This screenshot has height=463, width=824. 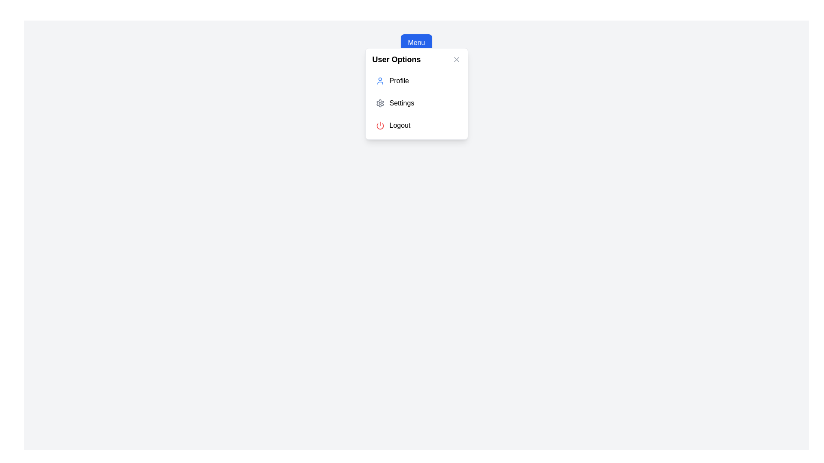 I want to click on the second item in the 'User Options' dropdown menu, so click(x=416, y=102).